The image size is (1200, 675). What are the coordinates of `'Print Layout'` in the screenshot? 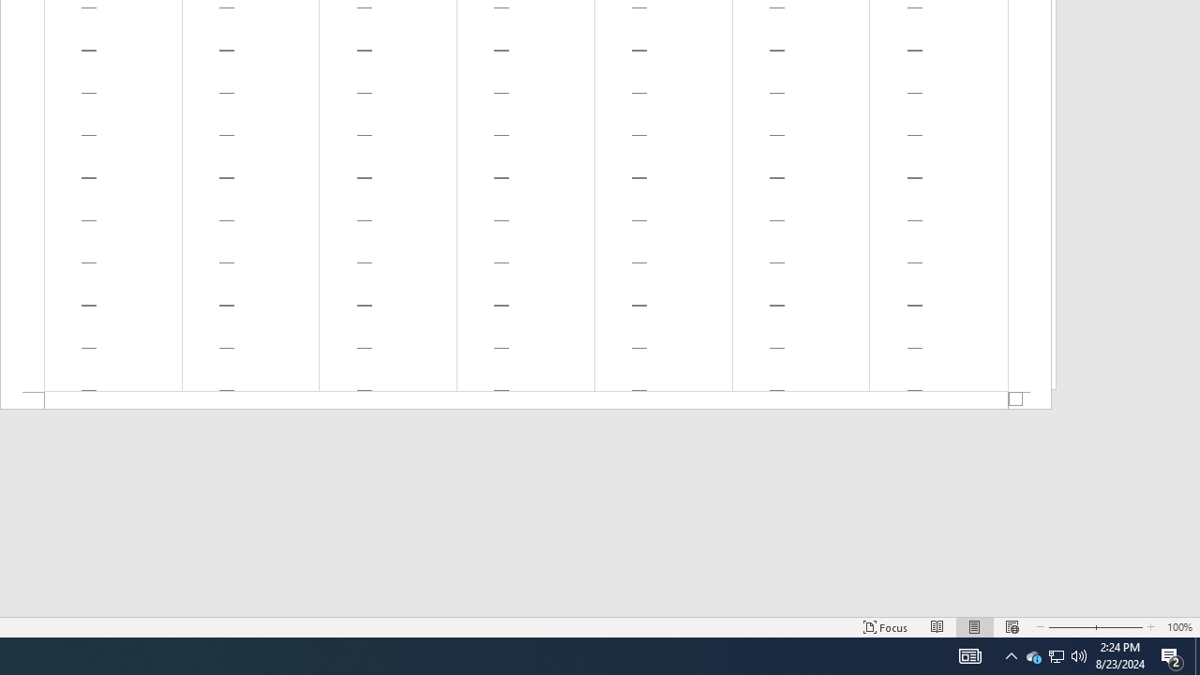 It's located at (969, 654).